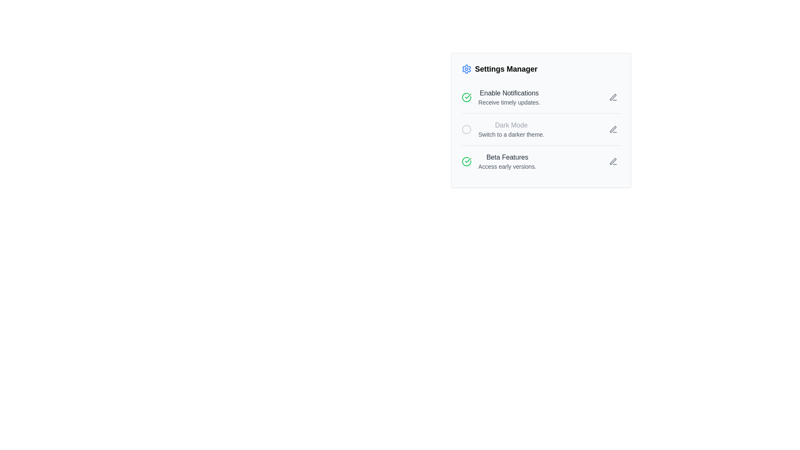  Describe the element at coordinates (466, 130) in the screenshot. I see `the circular icon with a light gray border located to the left of the 'Dark Mode: Switch to a darker theme.' text` at that location.